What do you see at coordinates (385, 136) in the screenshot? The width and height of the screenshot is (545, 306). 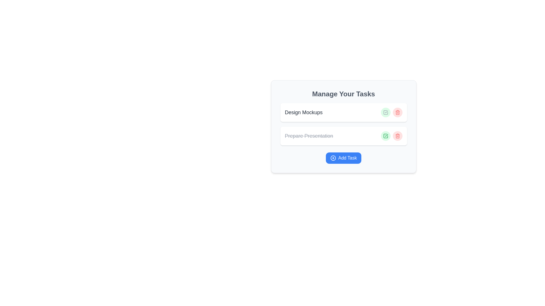 I see `the button that marks the associated task as completed, located to the right of the text 'Prepare Presentation' in the second row of the task list, to observe a hover color change effect` at bounding box center [385, 136].